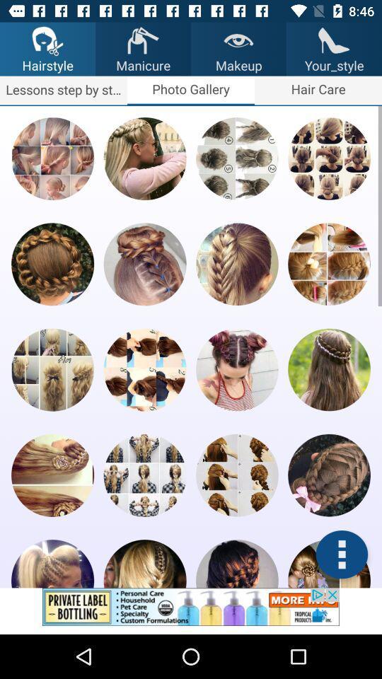 This screenshot has width=382, height=679. Describe the element at coordinates (144, 564) in the screenshot. I see `photo editing app` at that location.